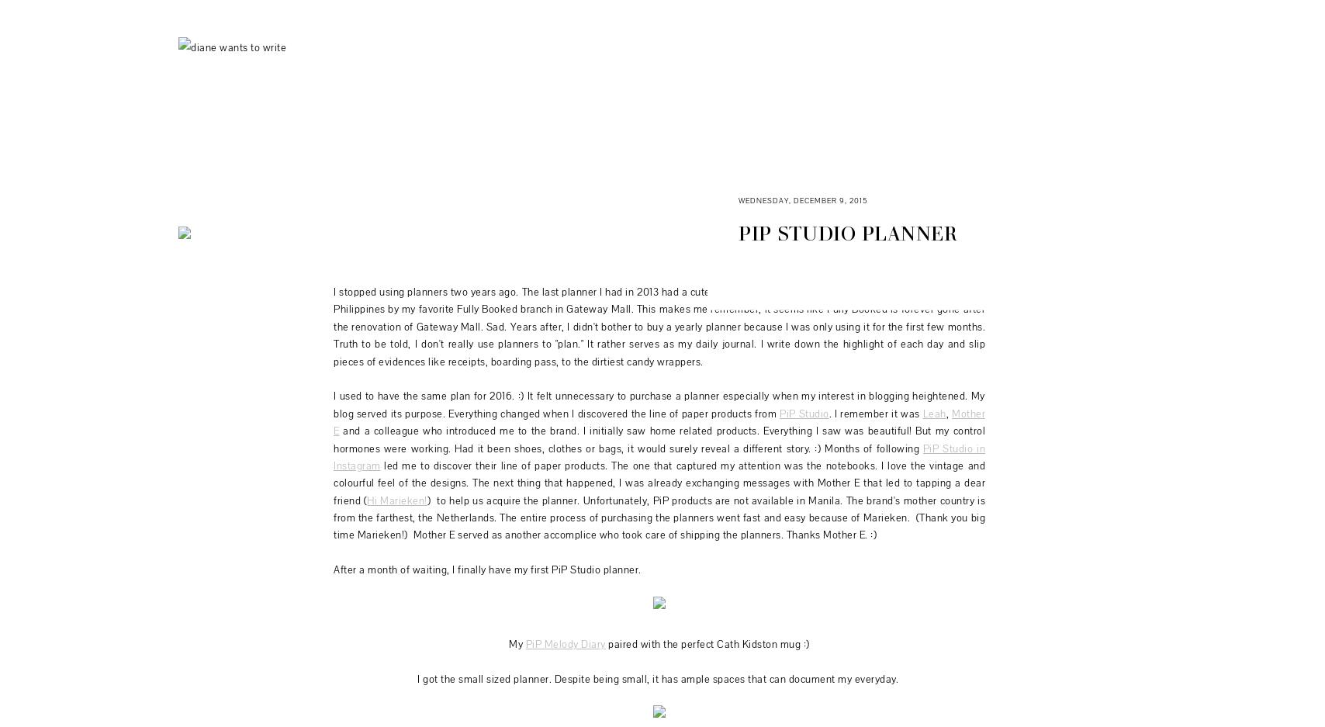  Describe the element at coordinates (517, 642) in the screenshot. I see `'My'` at that location.